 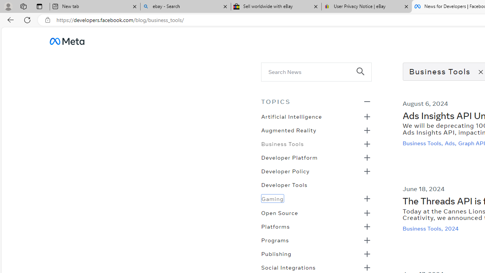 I want to click on 'Developer Policy', so click(x=285, y=171).